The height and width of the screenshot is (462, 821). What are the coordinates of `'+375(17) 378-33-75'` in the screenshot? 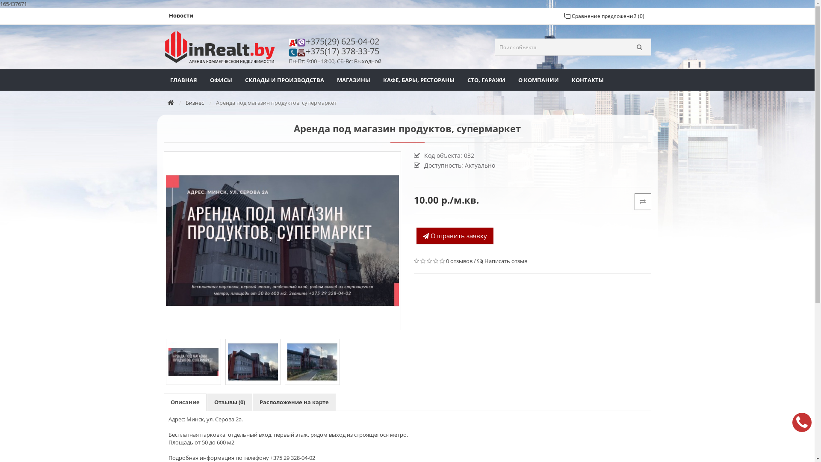 It's located at (306, 51).